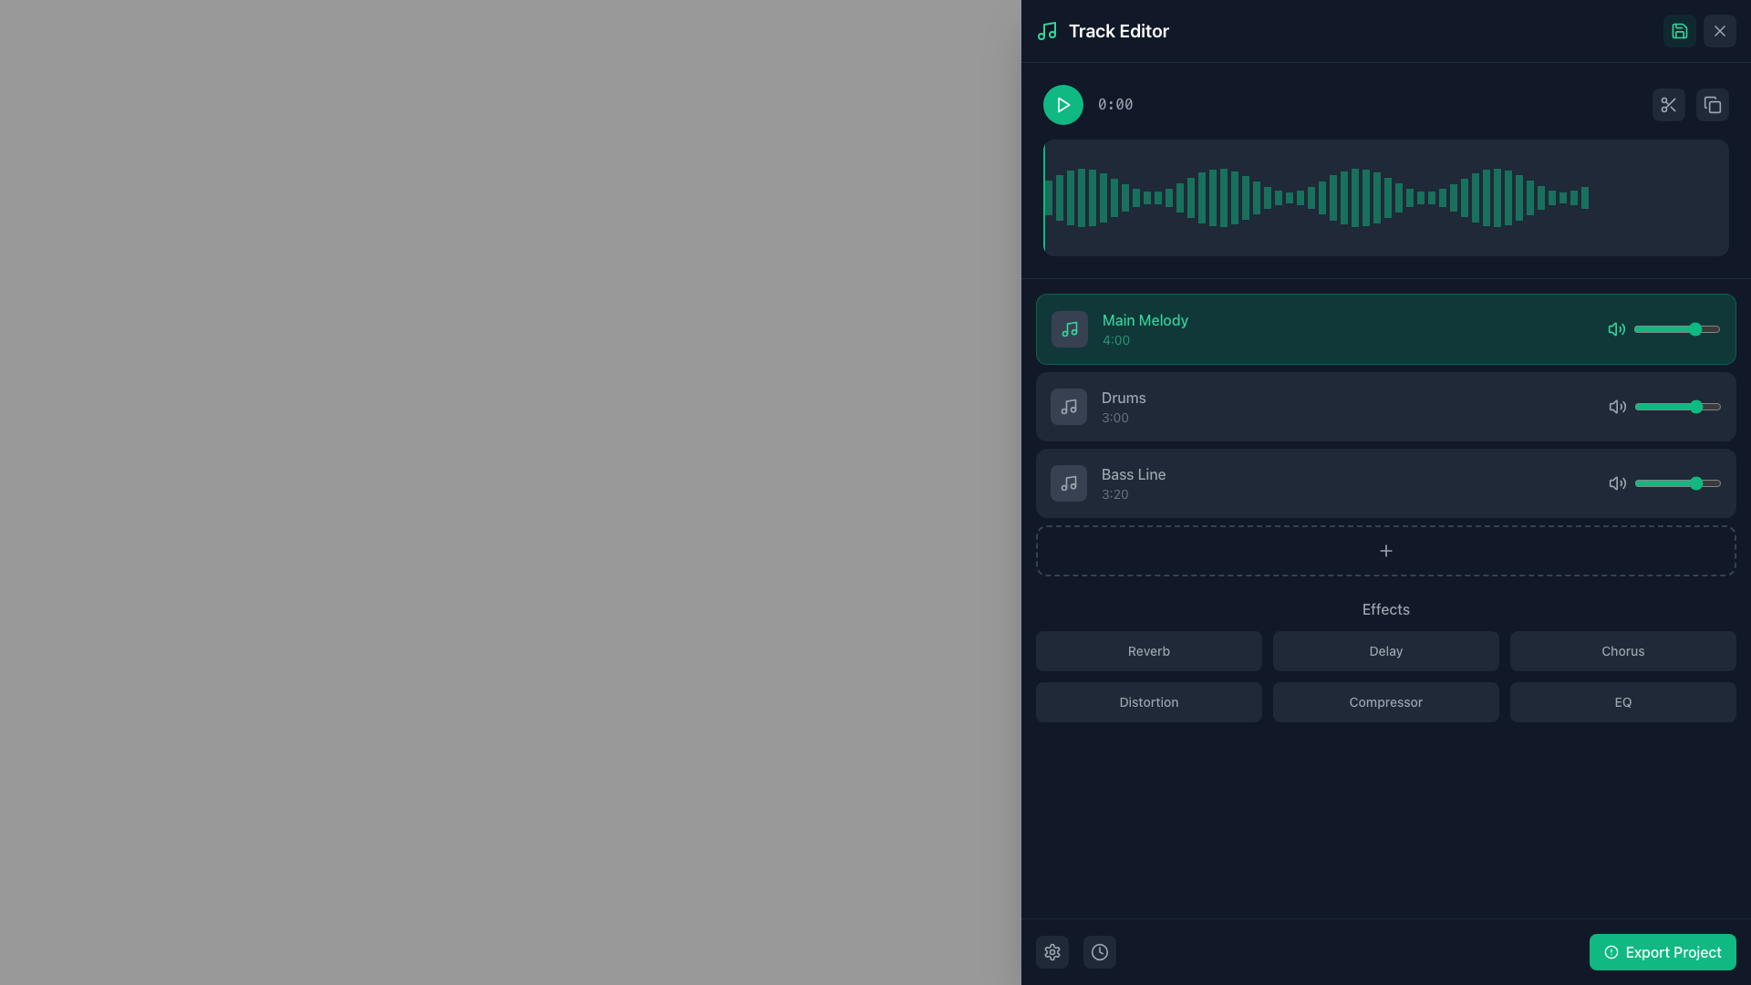  Describe the element at coordinates (1668, 105) in the screenshot. I see `the scissors icon located in the top-right corner of the panel` at that location.